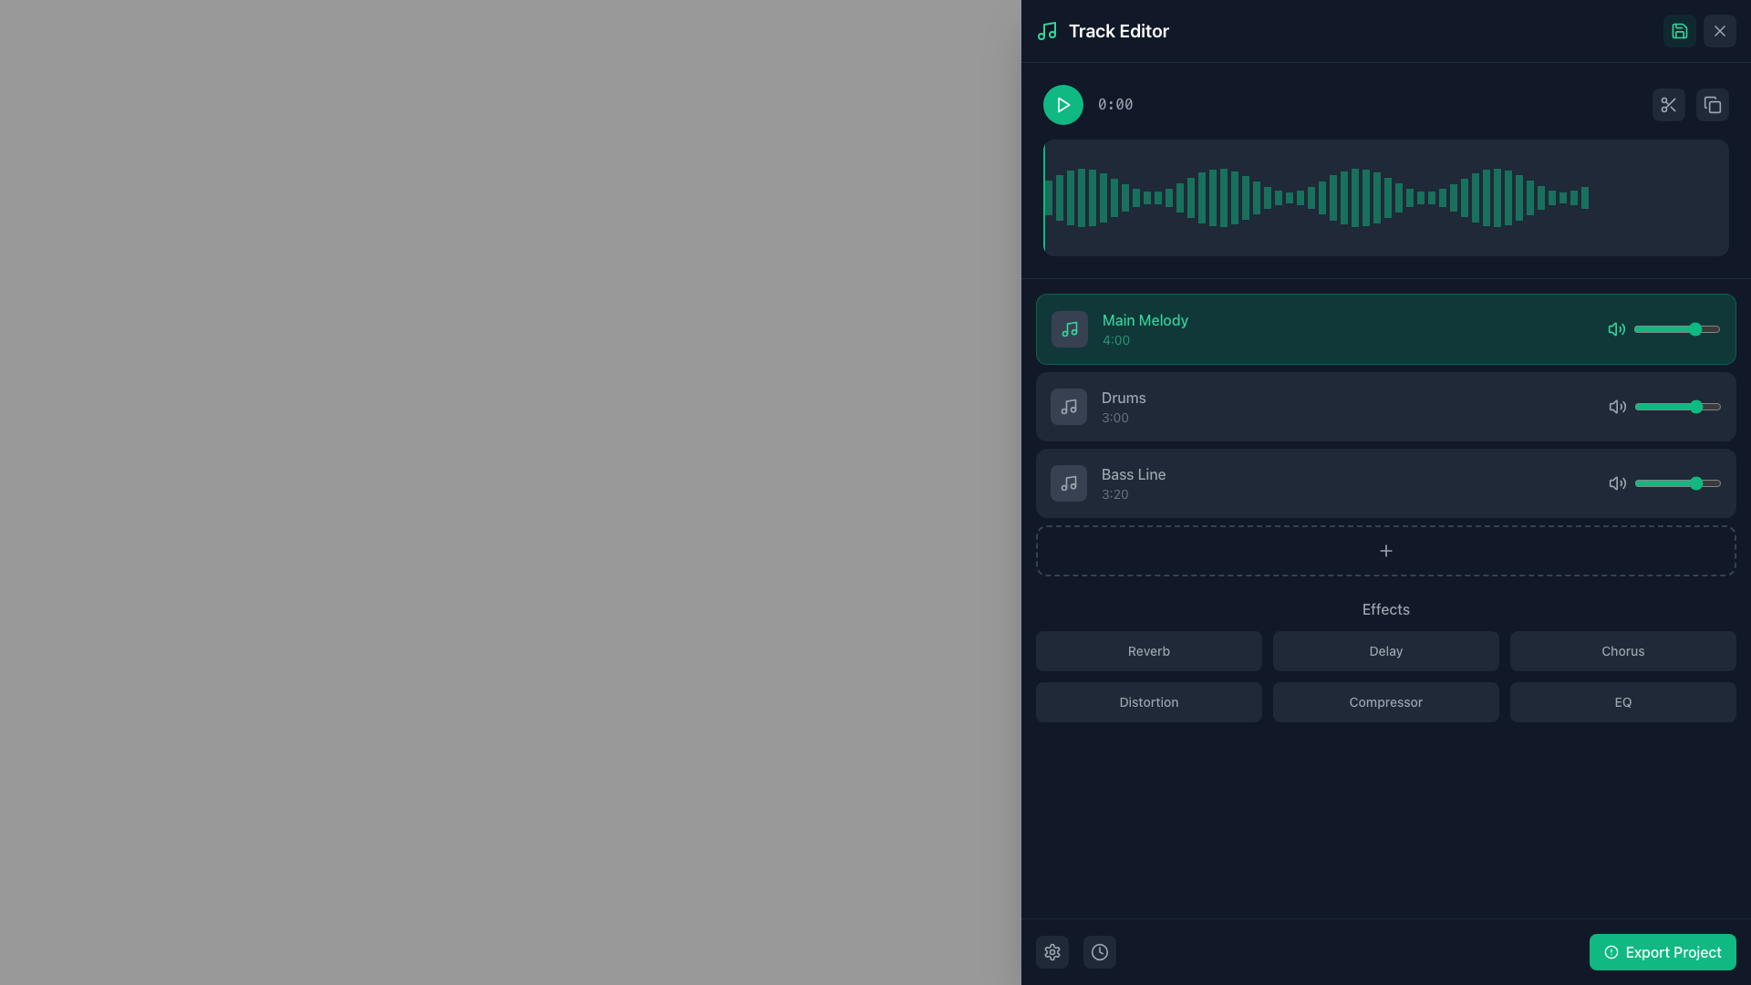  Describe the element at coordinates (1668, 105) in the screenshot. I see `the scissors icon located in the top-right corner of the panel` at that location.